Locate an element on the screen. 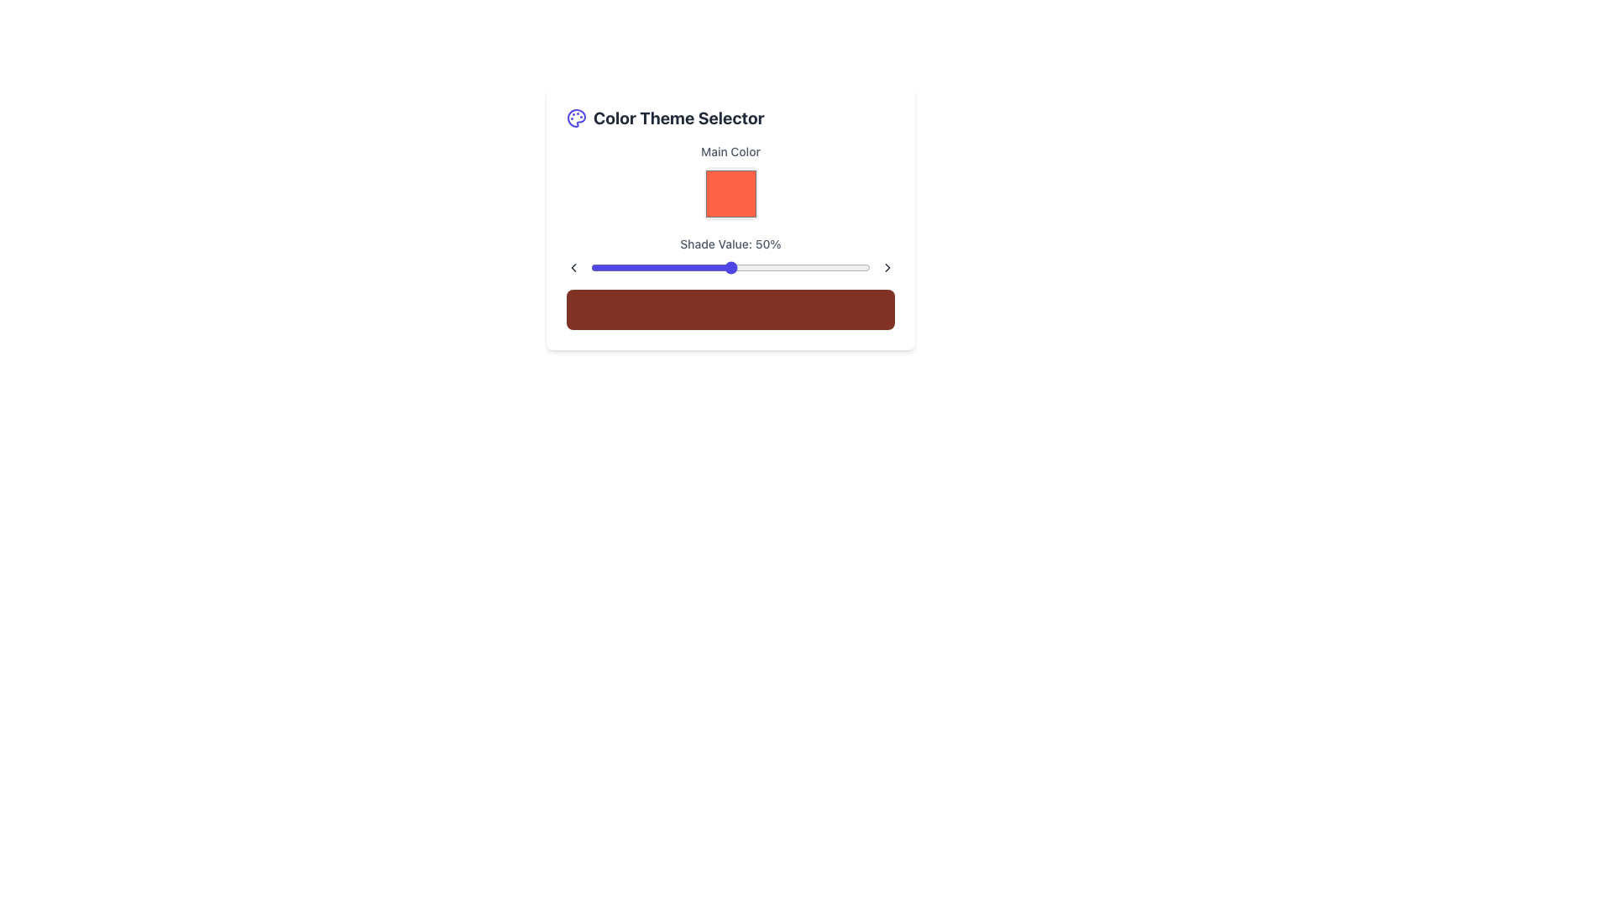 This screenshot has width=1612, height=907. the Decorative Icon representing a palette, styled with a blue stroke color, located to the left of the 'Color Theme Selector' heading is located at coordinates (576, 118).